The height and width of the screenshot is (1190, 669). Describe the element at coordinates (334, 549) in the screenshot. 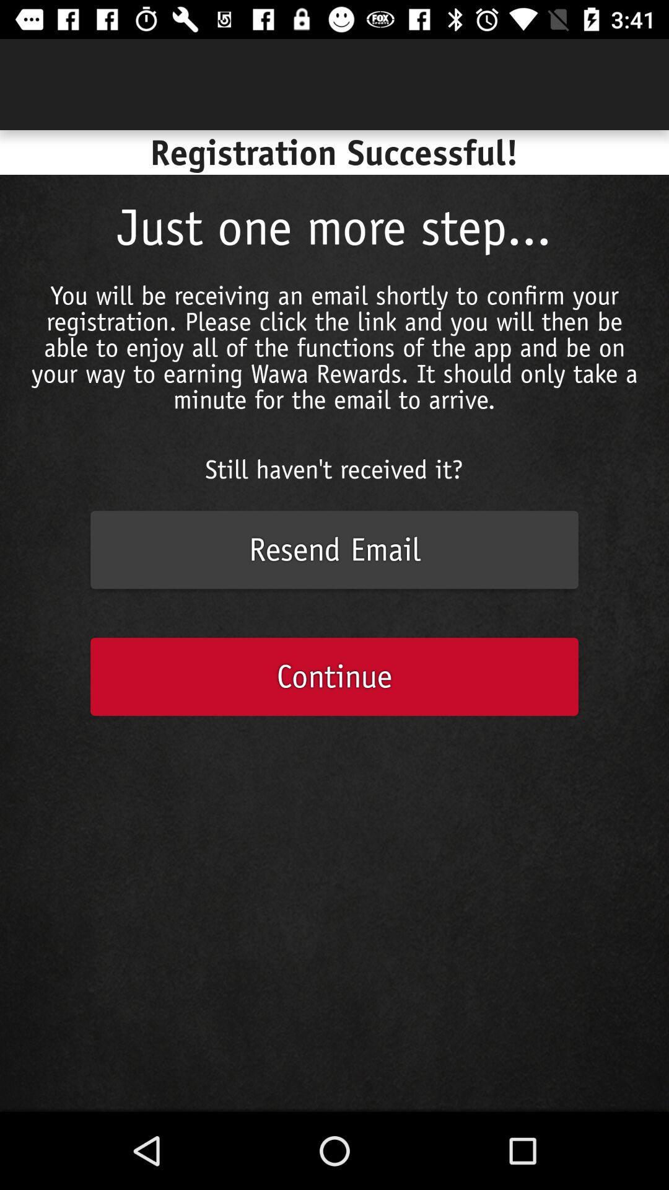

I see `resend email item` at that location.